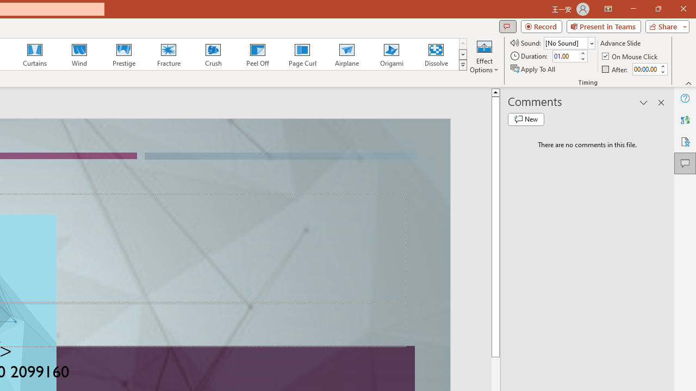 This screenshot has width=696, height=391. What do you see at coordinates (78, 54) in the screenshot?
I see `'Wind'` at bounding box center [78, 54].